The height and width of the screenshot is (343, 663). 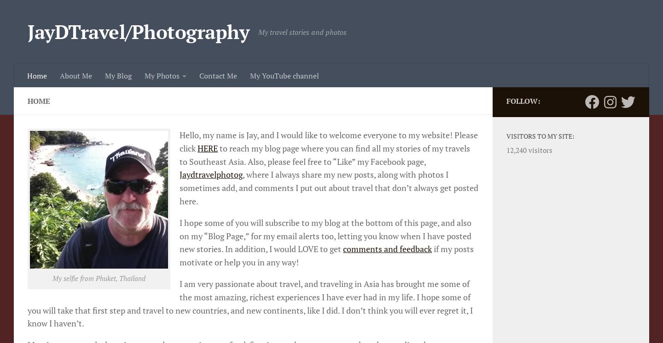 What do you see at coordinates (179, 235) in the screenshot?
I see `'I hope some of you will subscribe to my blog at the bottom of this page, and also on my “Blog Page,” for my email alerts too, letting you know when I have posted new stories. In addition, I would LOVE to get'` at bounding box center [179, 235].